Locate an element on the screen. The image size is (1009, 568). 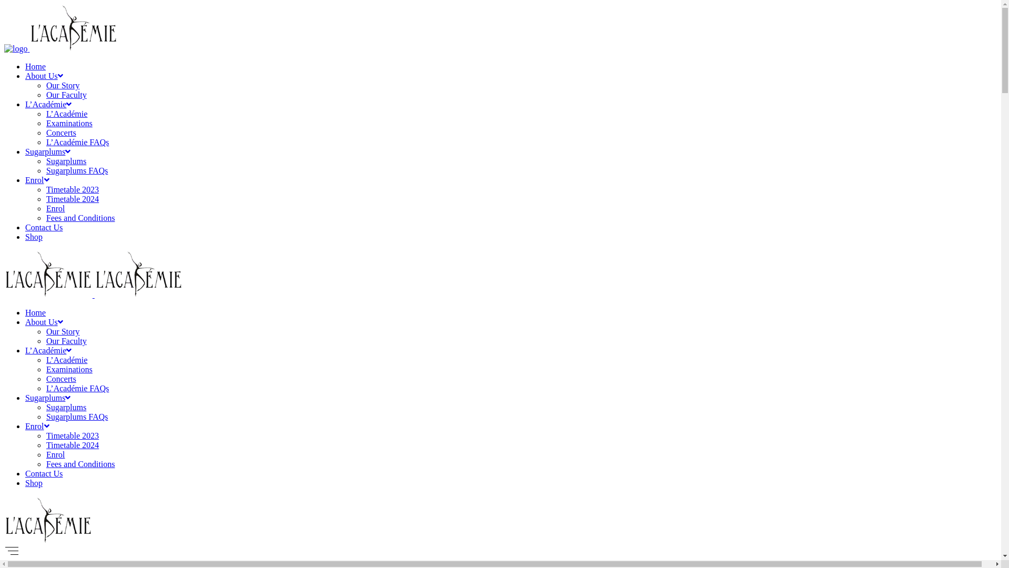
'Timetable 2024' is located at coordinates (72, 445).